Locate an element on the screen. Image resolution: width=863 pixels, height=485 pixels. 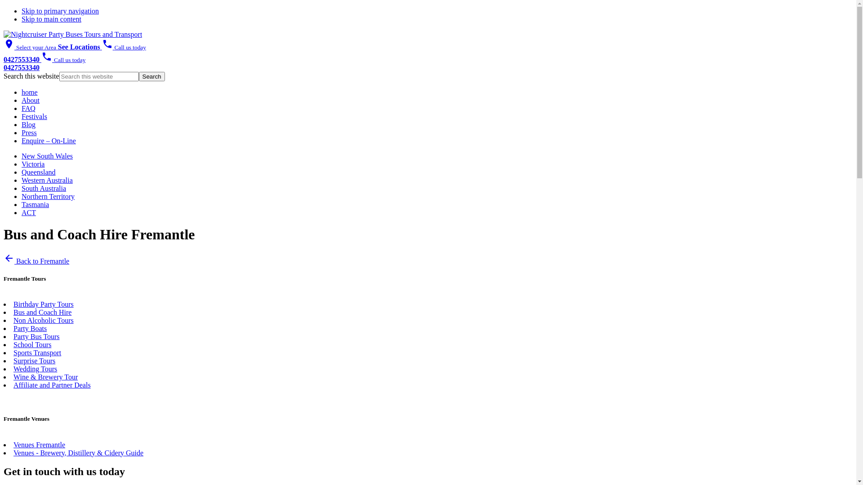
'Skip to main content' is located at coordinates (51, 19).